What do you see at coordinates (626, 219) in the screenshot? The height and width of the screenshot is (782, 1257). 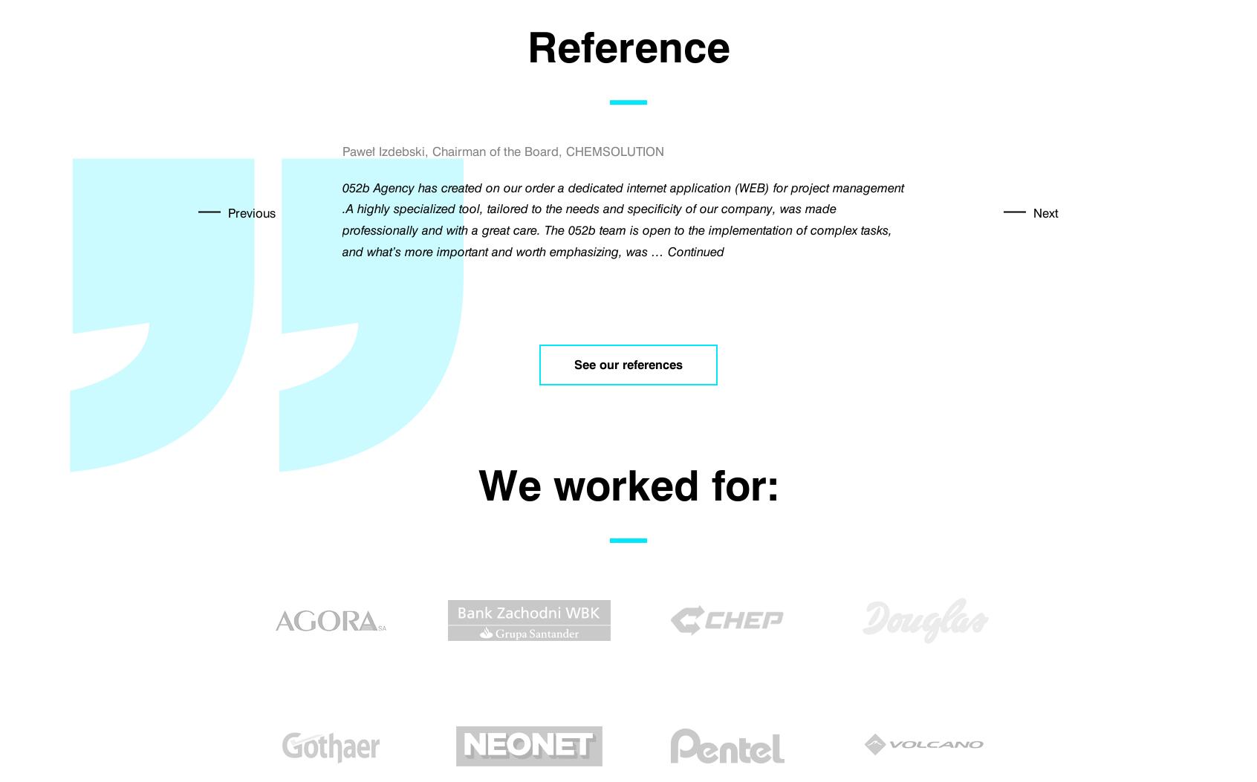 I see `'The Tumult Foundation, organizer of the Camerimage International Film Festival is pleased to inform that in November 2017 the 052B company has once again prepared festival application for mobile devices for us. The application created by 052B developers is compatible with 100% devices on the most popular Android systems and devices on the iOS platform. …'` at bounding box center [626, 219].